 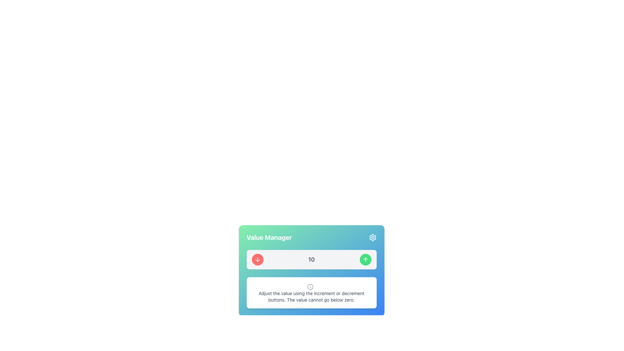 What do you see at coordinates (365, 259) in the screenshot?
I see `the small upward arrow icon within the green circular button on the right side of the horizontal strip containing the number '10' in the 'Value Manager' widget to increment the value` at bounding box center [365, 259].